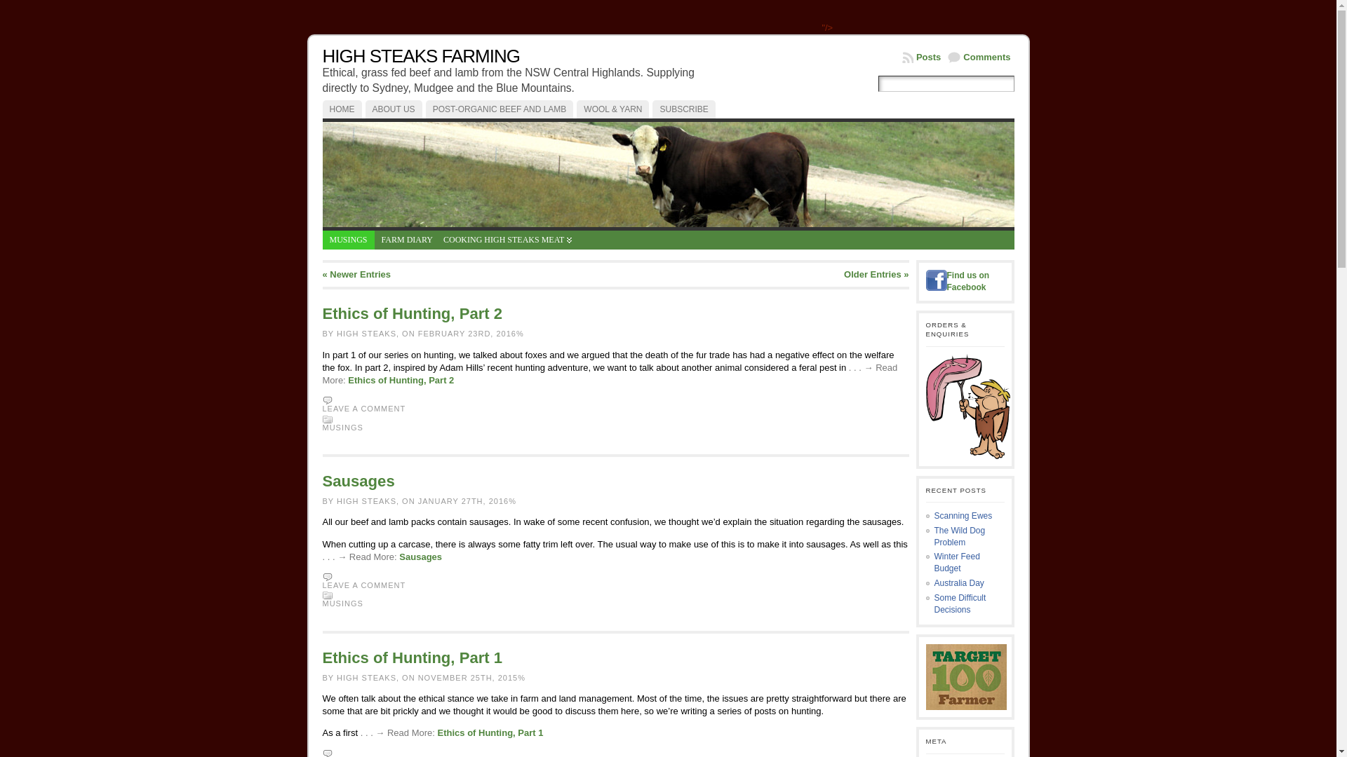 The height and width of the screenshot is (757, 1347). I want to click on 'Ethics of Hunting, Part 2', so click(400, 380).